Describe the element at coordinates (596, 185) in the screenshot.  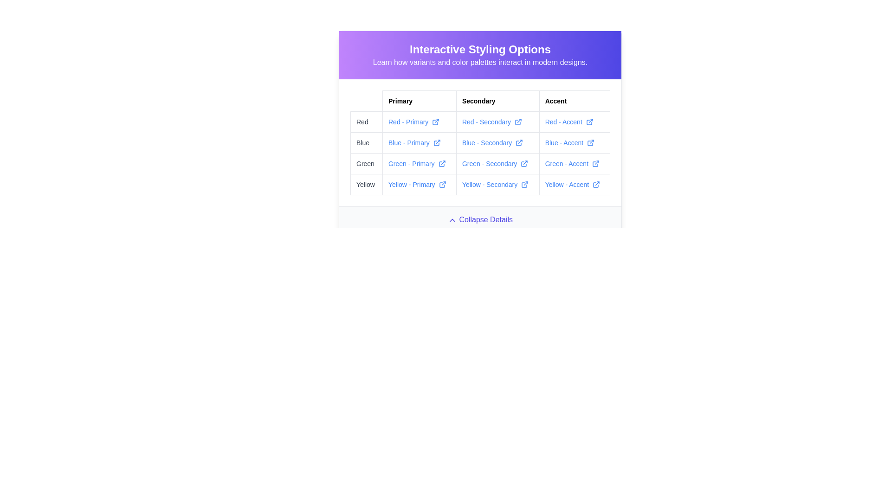
I see `the SVG icon located in the 'Accent' column of the table, specifically in the 'Yellow' row` at that location.